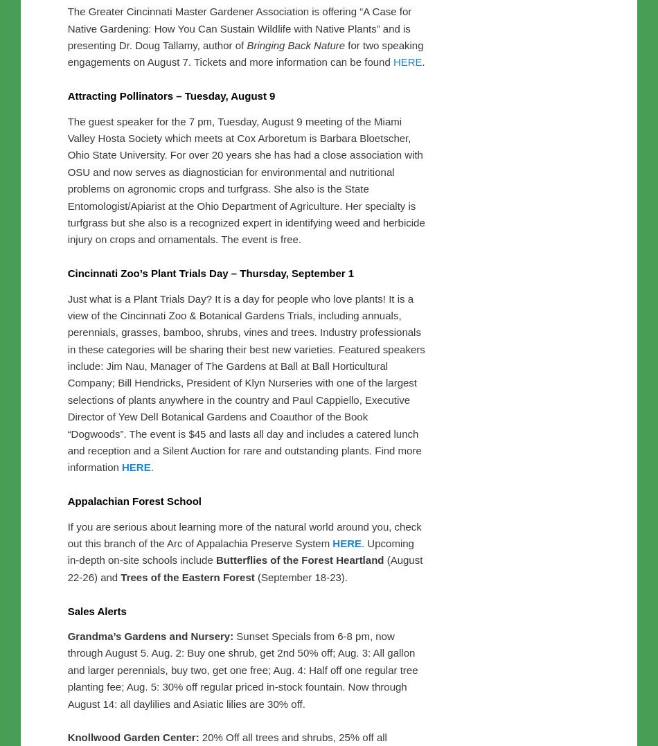 Image resolution: width=658 pixels, height=746 pixels. Describe the element at coordinates (66, 385) in the screenshot. I see `'Attracting Pollinators – Tuesday, August 9'` at that location.